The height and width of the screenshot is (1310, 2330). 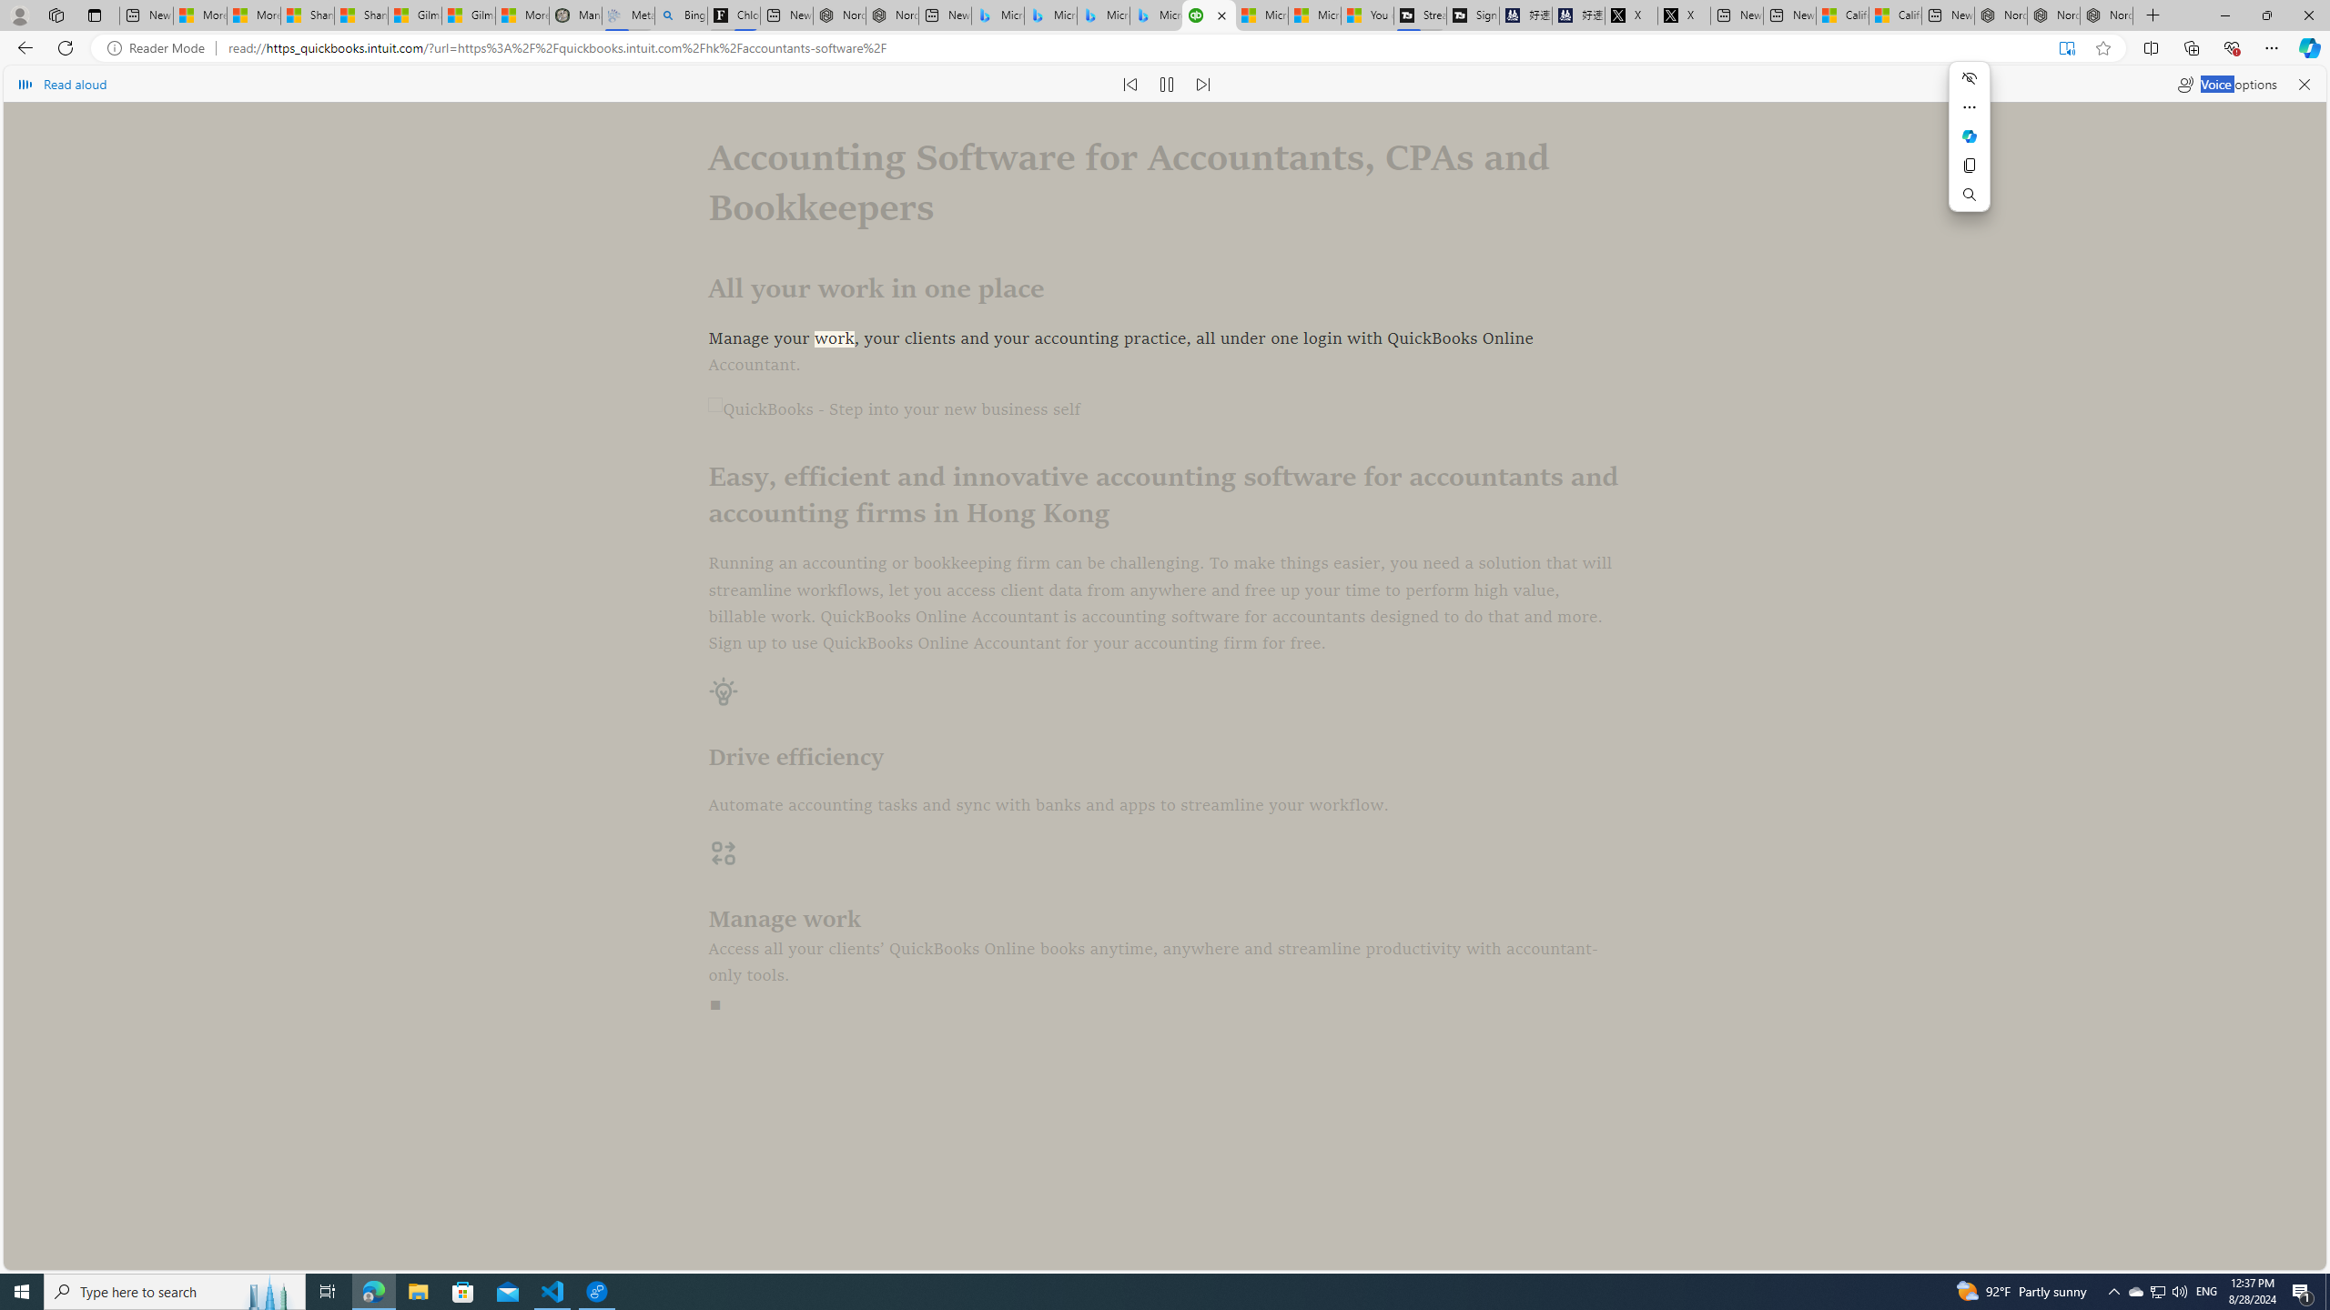 What do you see at coordinates (2052, 15) in the screenshot?
I see `'Nordace Siena Pro 15 Backpack'` at bounding box center [2052, 15].